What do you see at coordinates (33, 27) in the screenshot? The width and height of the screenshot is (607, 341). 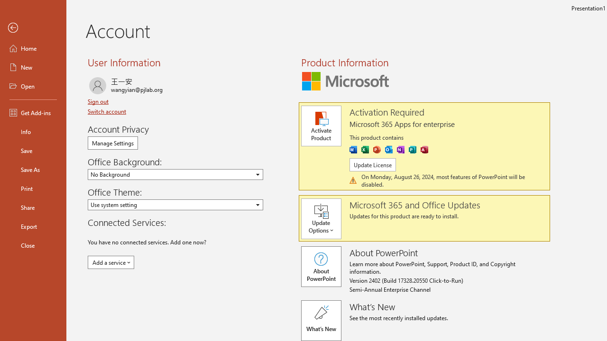 I see `'Back'` at bounding box center [33, 27].